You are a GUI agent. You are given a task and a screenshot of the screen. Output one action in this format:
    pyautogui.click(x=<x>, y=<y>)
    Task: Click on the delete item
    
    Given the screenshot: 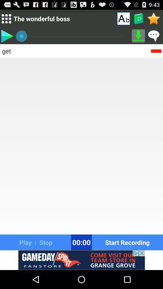 What is the action you would take?
    pyautogui.click(x=156, y=50)
    